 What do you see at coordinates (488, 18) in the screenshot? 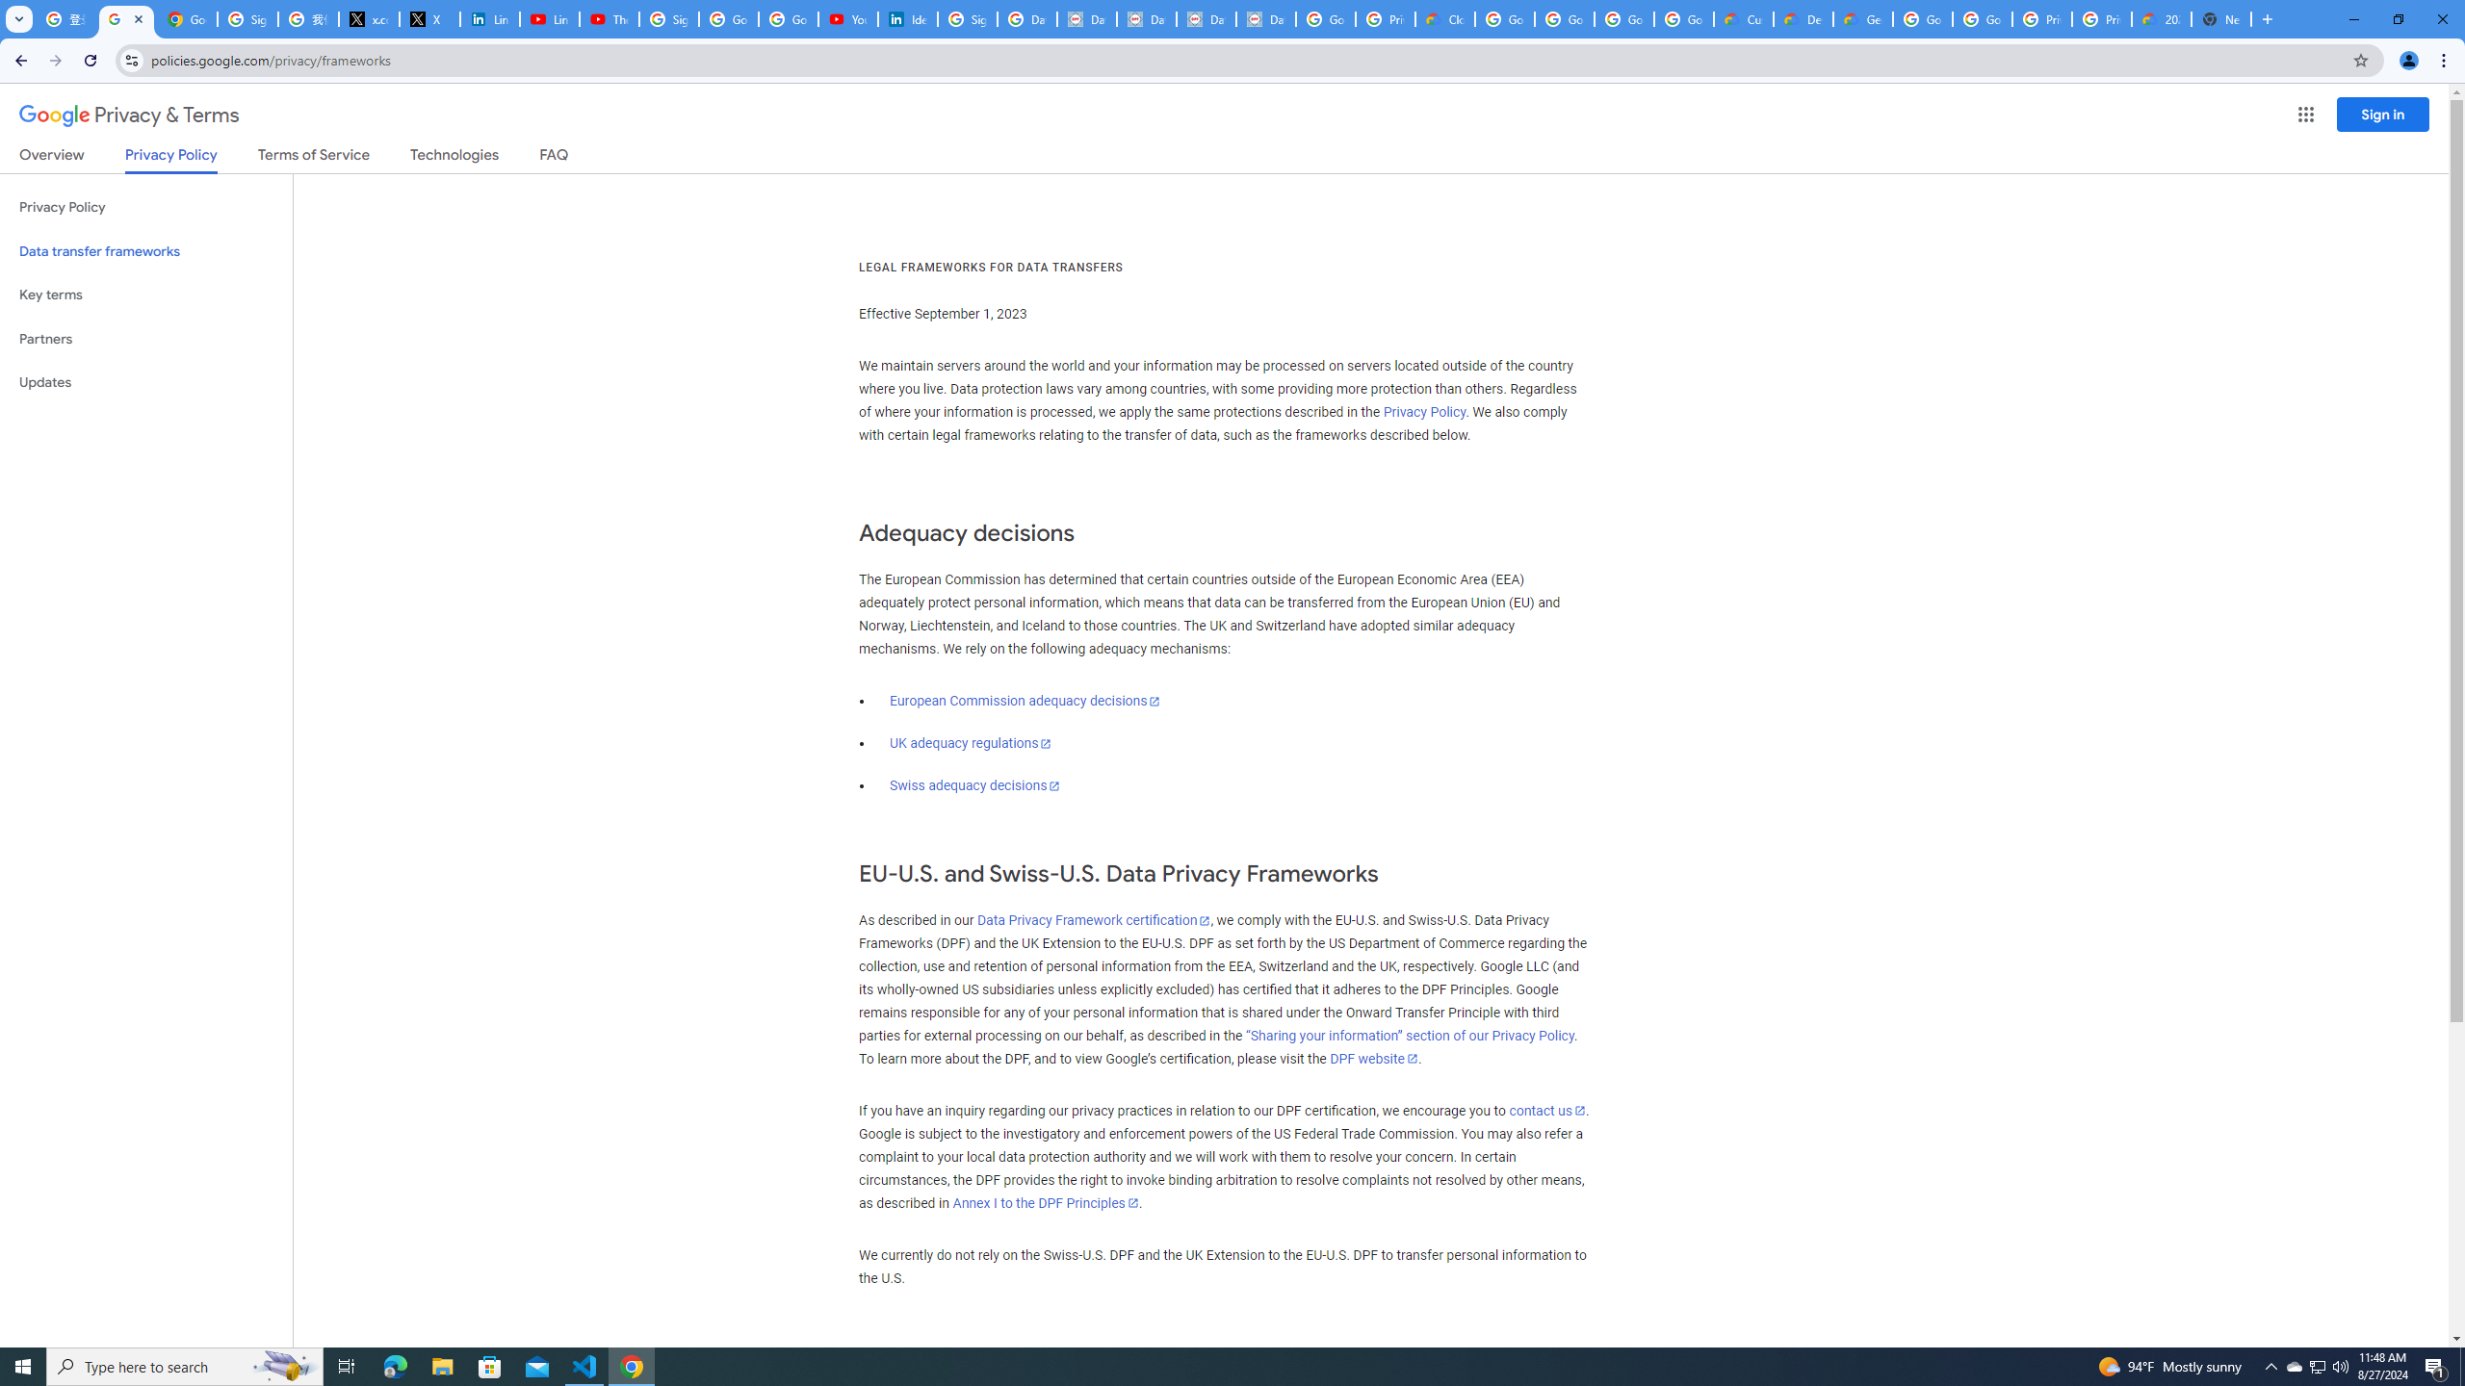
I see `'LinkedIn Privacy Policy'` at bounding box center [488, 18].